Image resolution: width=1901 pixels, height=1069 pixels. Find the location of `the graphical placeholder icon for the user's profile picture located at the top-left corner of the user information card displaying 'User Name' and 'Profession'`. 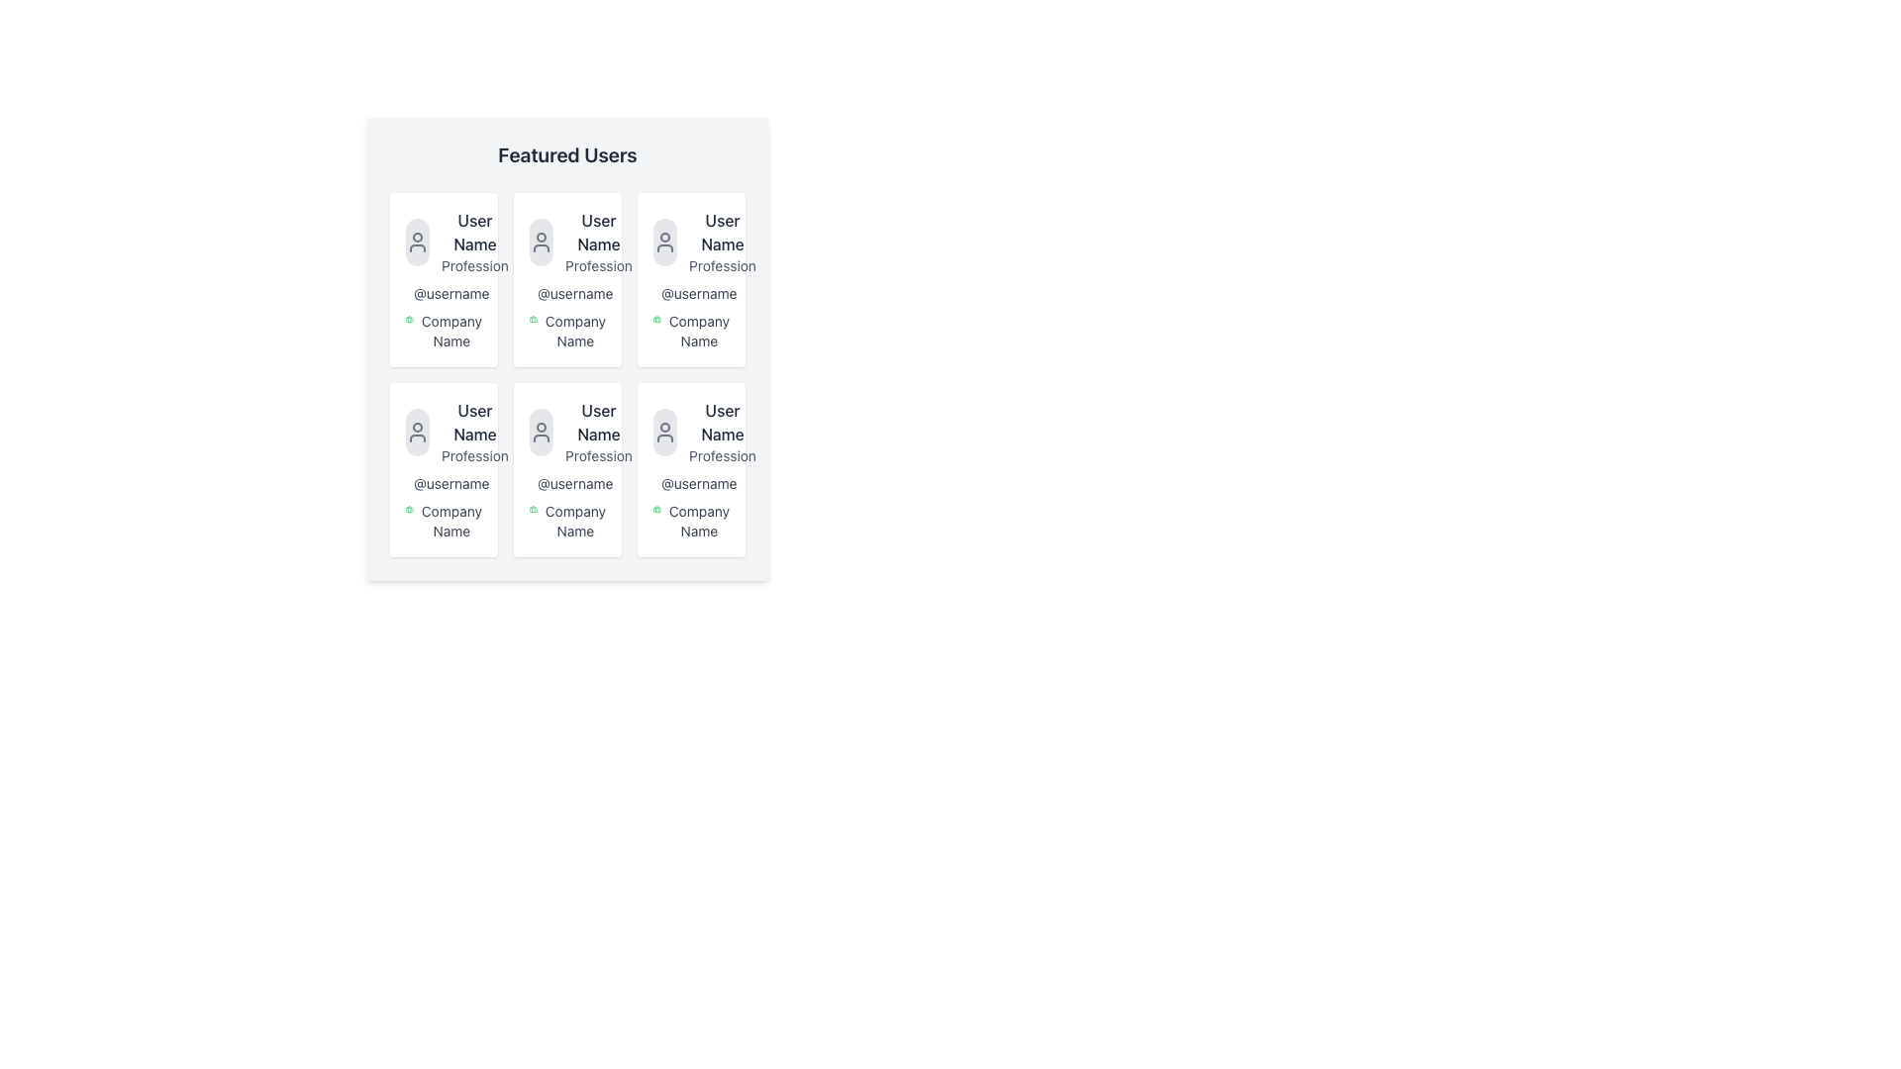

the graphical placeholder icon for the user's profile picture located at the top-left corner of the user information card displaying 'User Name' and 'Profession' is located at coordinates (417, 431).